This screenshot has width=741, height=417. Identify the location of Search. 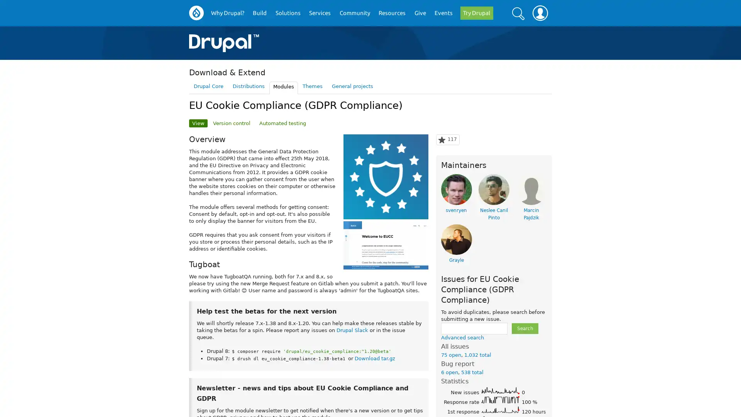
(518, 13).